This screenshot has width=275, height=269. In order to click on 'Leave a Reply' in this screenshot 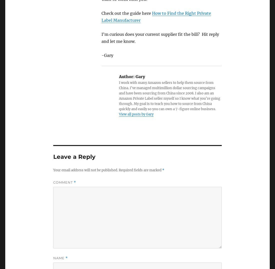, I will do `click(74, 156)`.